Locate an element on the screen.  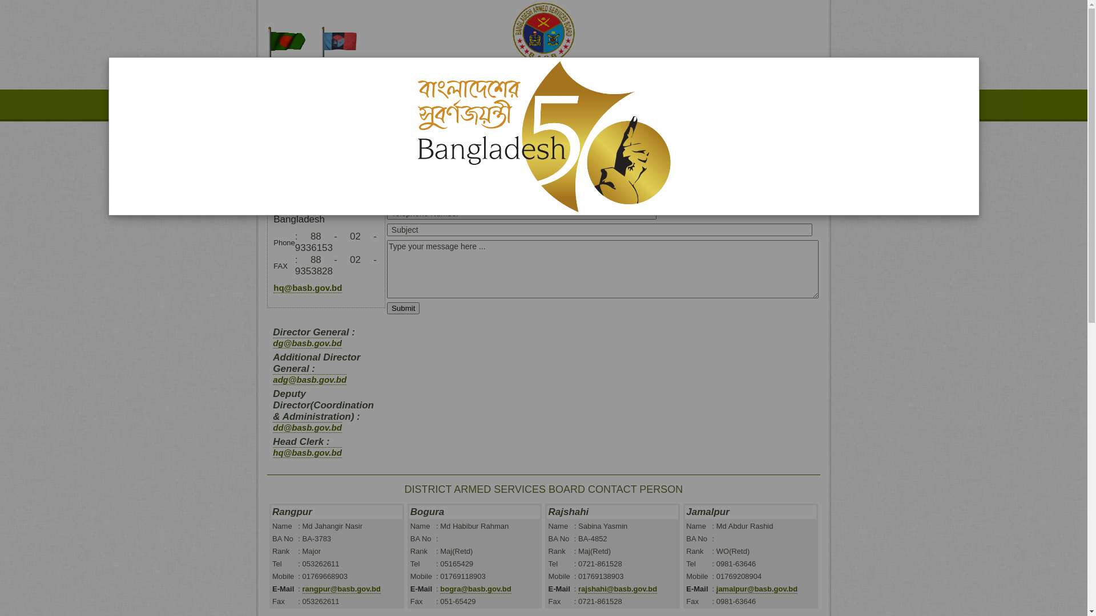
'DISTRICT ARMED SERVICES BOARD CONTACT PERSON' is located at coordinates (543, 488).